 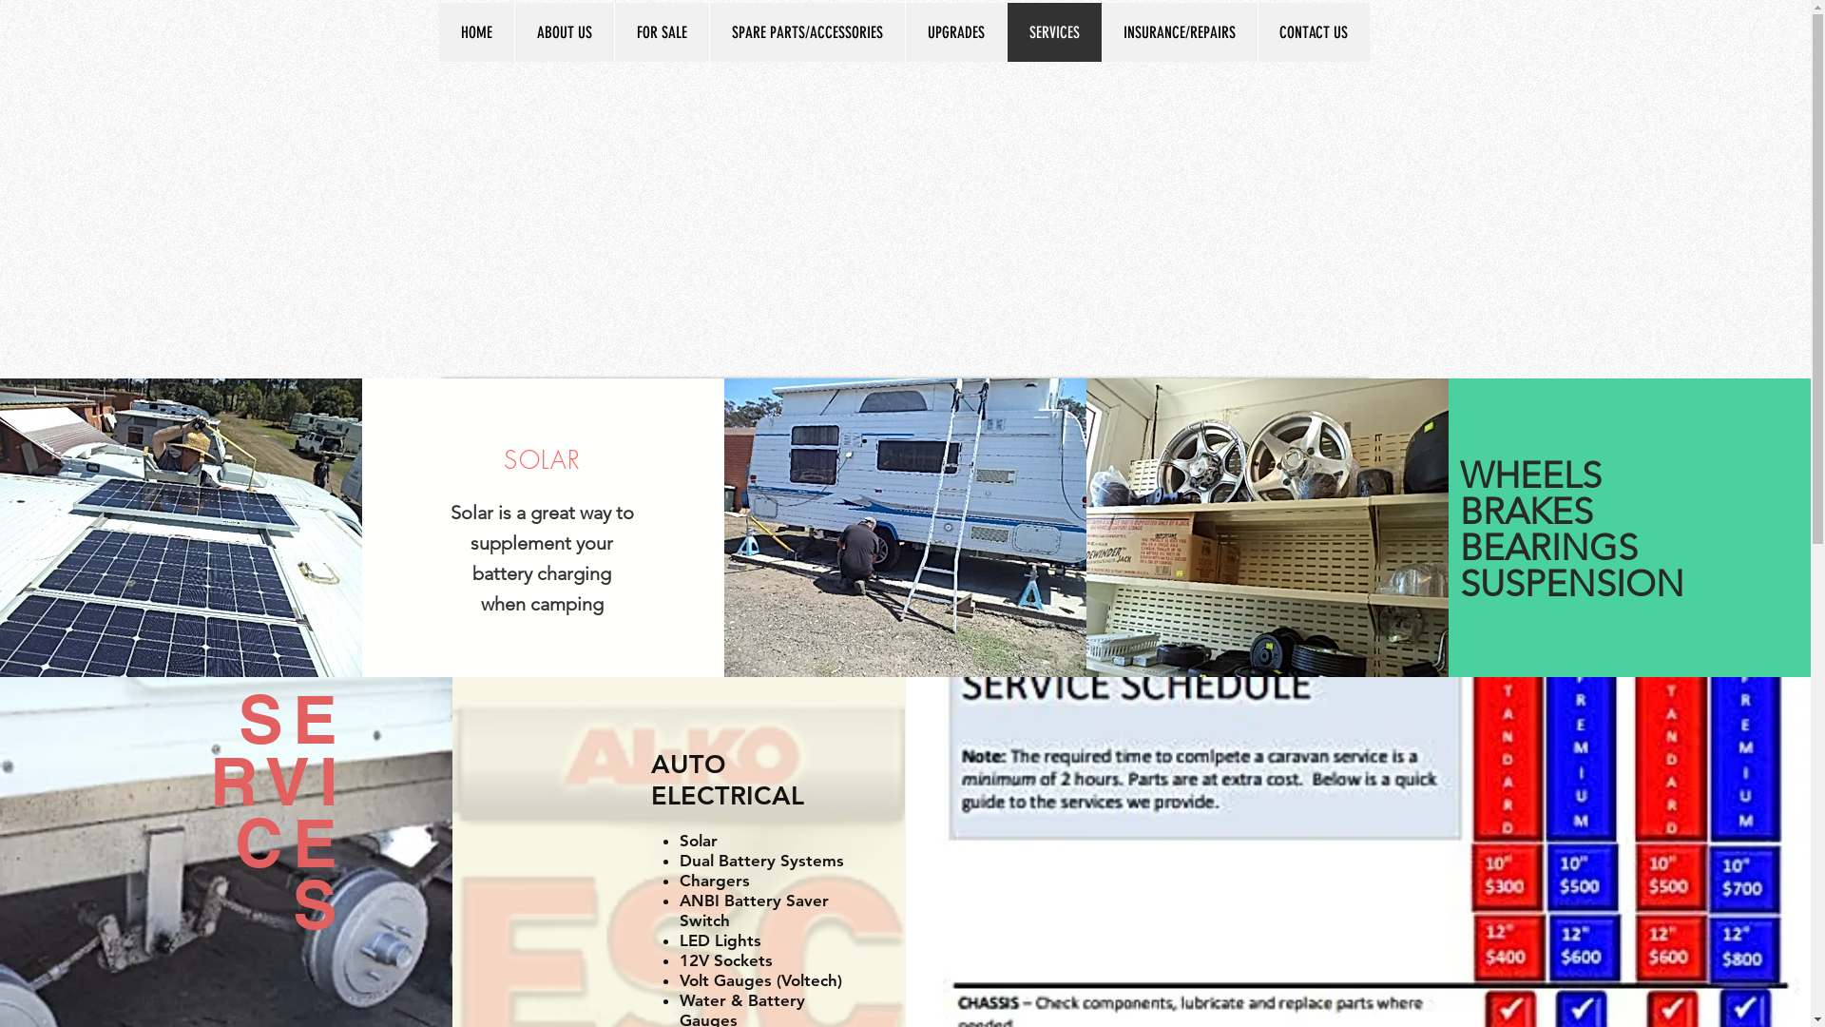 I want to click on 'HOME', so click(x=476, y=32).